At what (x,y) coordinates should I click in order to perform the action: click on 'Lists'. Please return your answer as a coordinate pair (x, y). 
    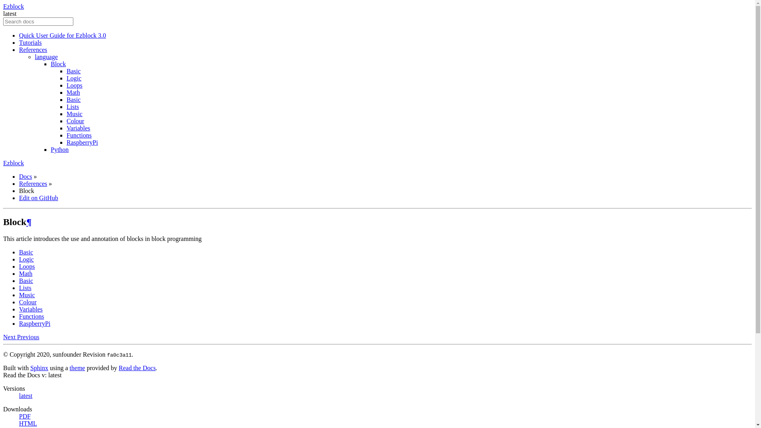
    Looking at the image, I should click on (73, 106).